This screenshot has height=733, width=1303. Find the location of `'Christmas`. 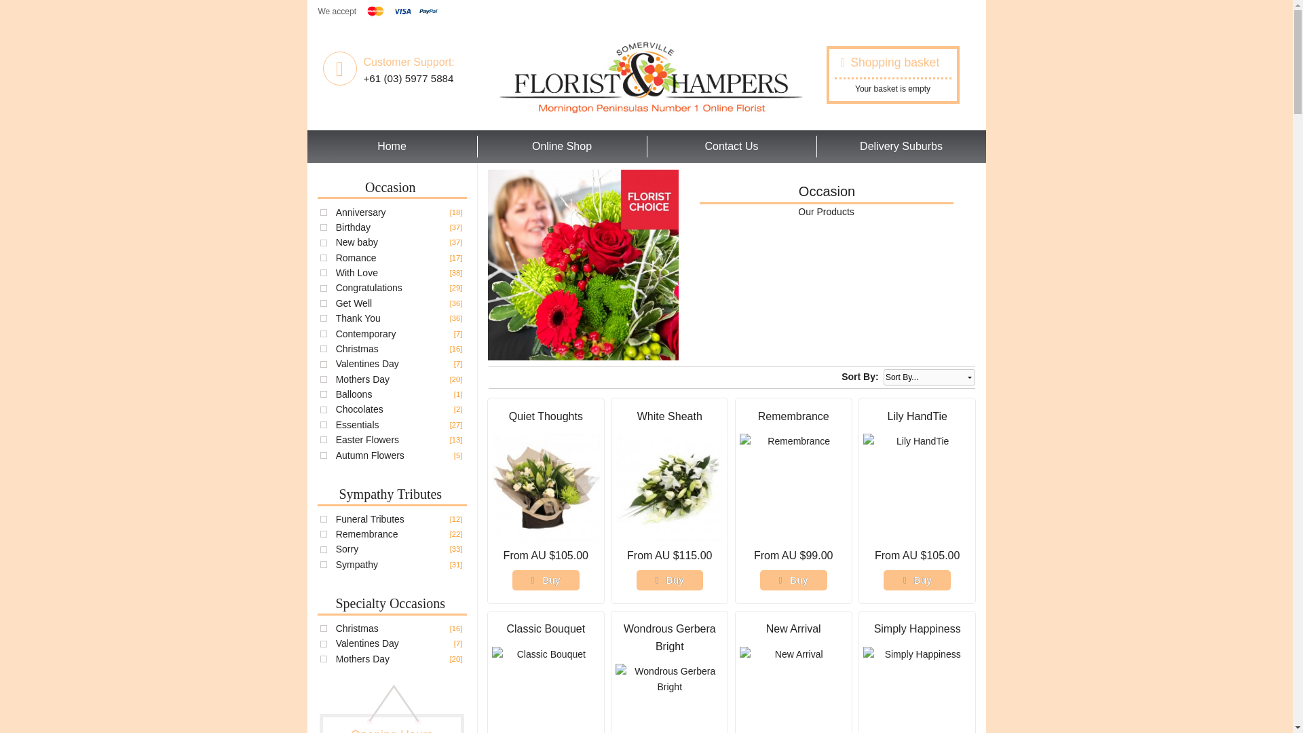

'Christmas is located at coordinates (357, 347).